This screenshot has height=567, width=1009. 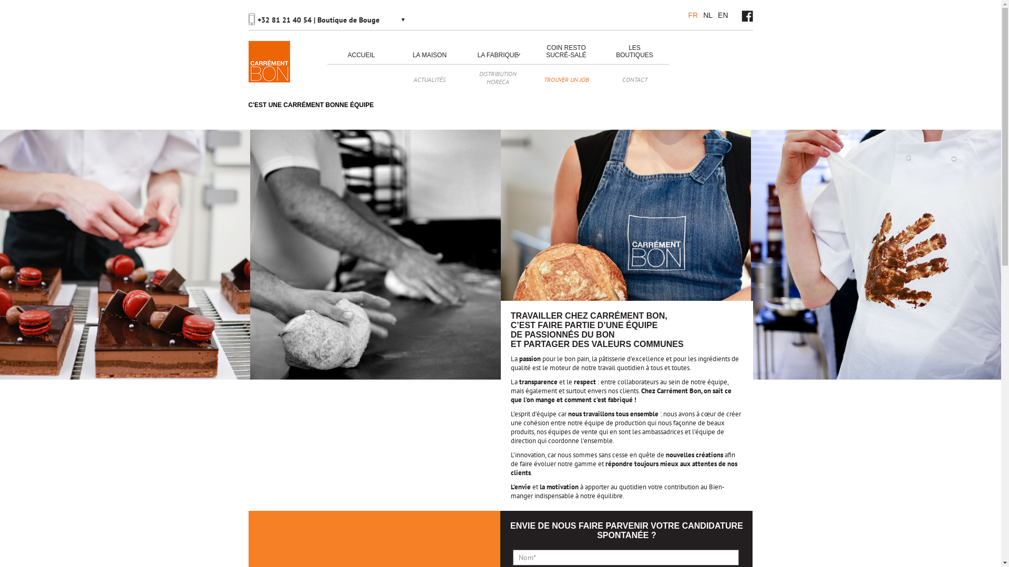 I want to click on 'TROUVER UN JOB', so click(x=532, y=76).